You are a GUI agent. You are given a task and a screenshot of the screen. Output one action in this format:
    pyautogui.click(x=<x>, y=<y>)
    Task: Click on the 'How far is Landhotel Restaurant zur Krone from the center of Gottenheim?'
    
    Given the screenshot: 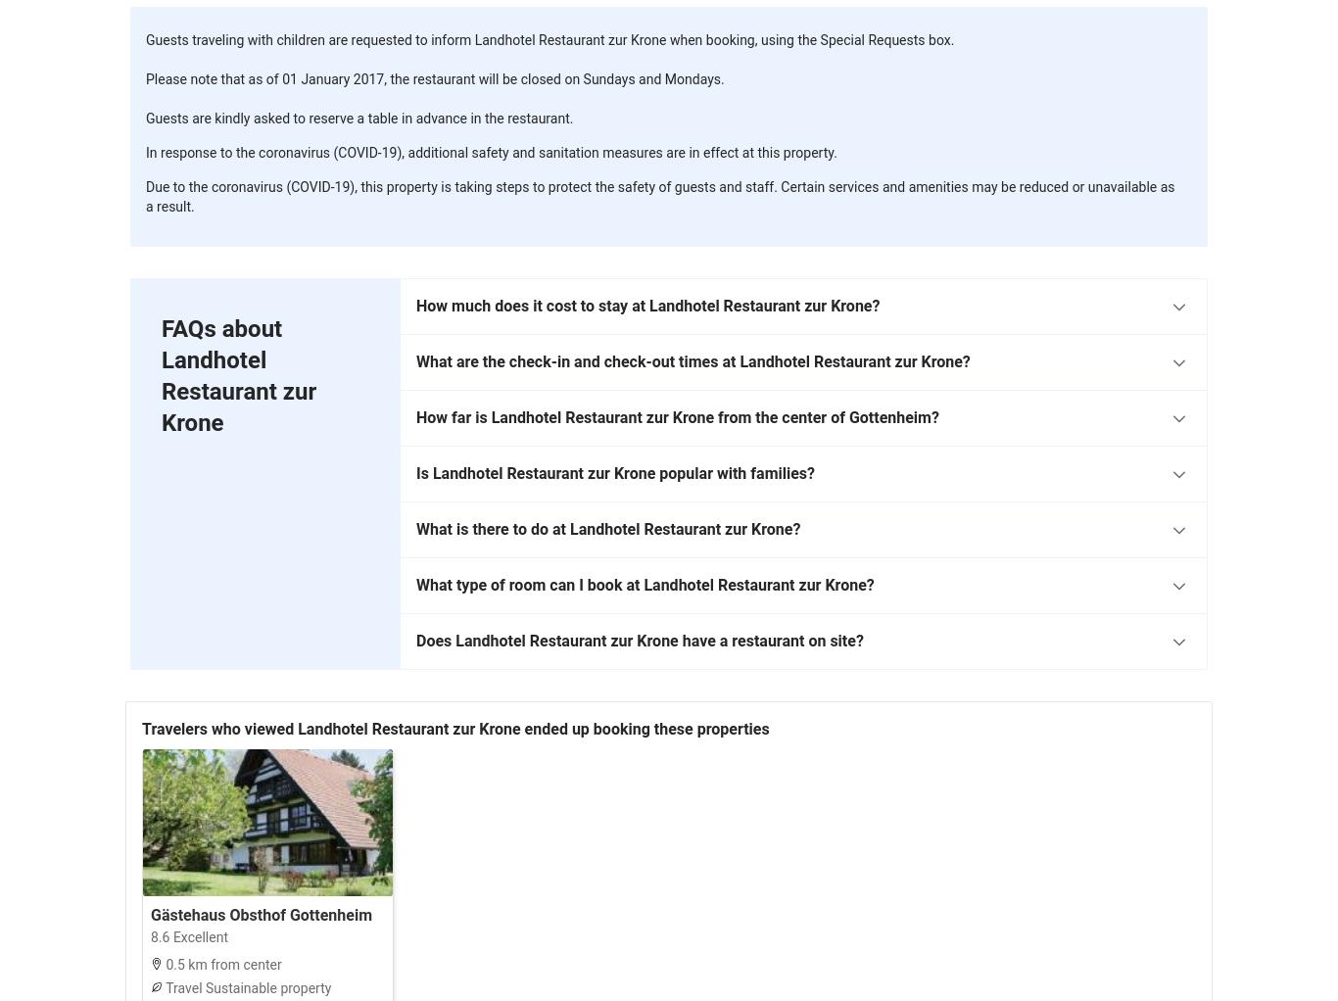 What is the action you would take?
    pyautogui.click(x=677, y=417)
    